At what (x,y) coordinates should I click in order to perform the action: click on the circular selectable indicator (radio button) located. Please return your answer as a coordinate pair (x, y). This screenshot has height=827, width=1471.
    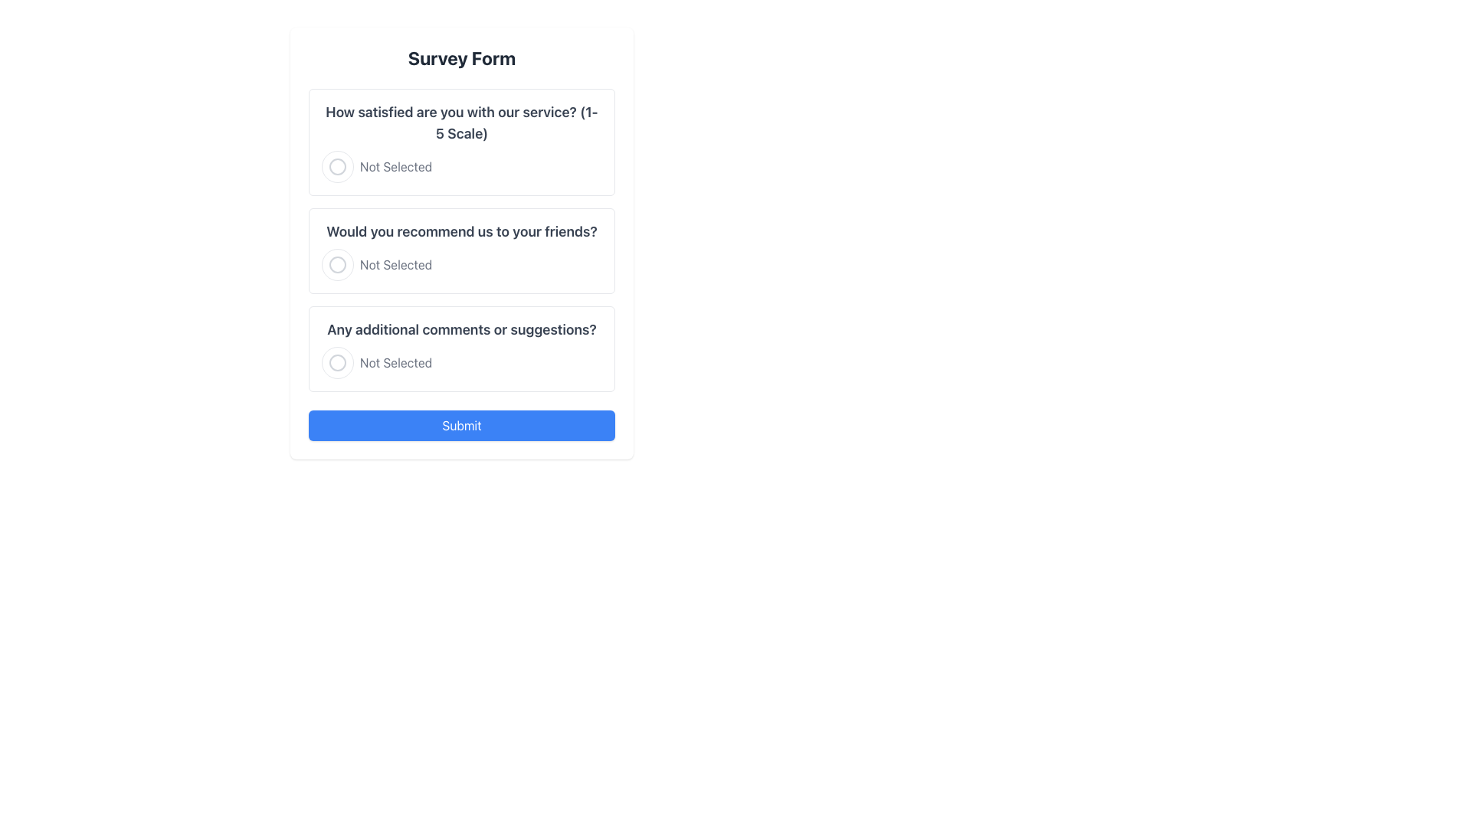
    Looking at the image, I should click on (337, 363).